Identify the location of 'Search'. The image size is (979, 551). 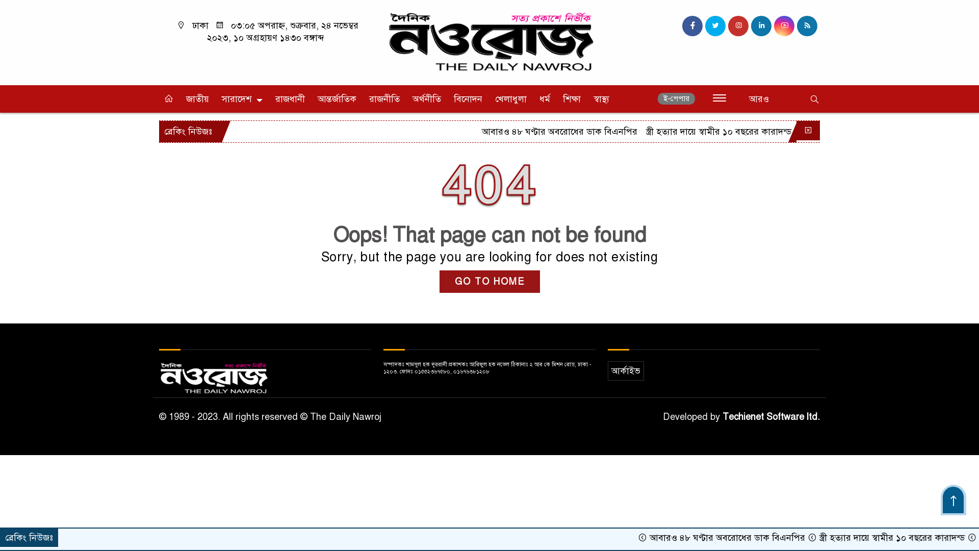
(764, 100).